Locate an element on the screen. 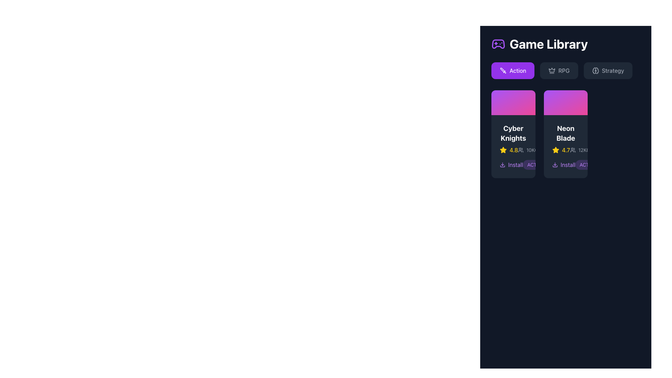 This screenshot has height=378, width=672. the star icon in the rating component of the 'Neon Blade' game card to interact with the rating is located at coordinates (566, 149).